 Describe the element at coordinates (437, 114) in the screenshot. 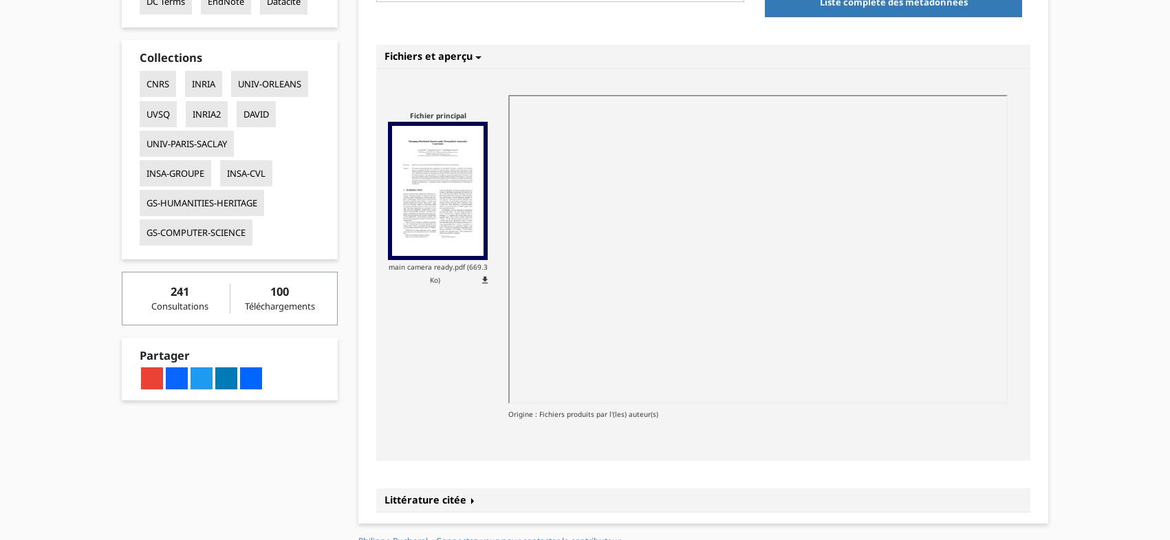

I see `'Fichier principal'` at that location.